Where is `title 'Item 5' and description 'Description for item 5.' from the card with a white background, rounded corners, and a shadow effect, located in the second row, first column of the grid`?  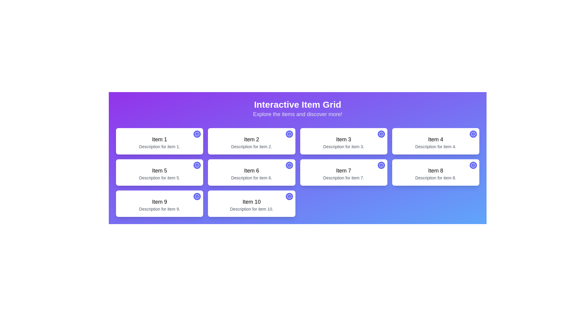 title 'Item 5' and description 'Description for item 5.' from the card with a white background, rounded corners, and a shadow effect, located in the second row, first column of the grid is located at coordinates (160, 172).